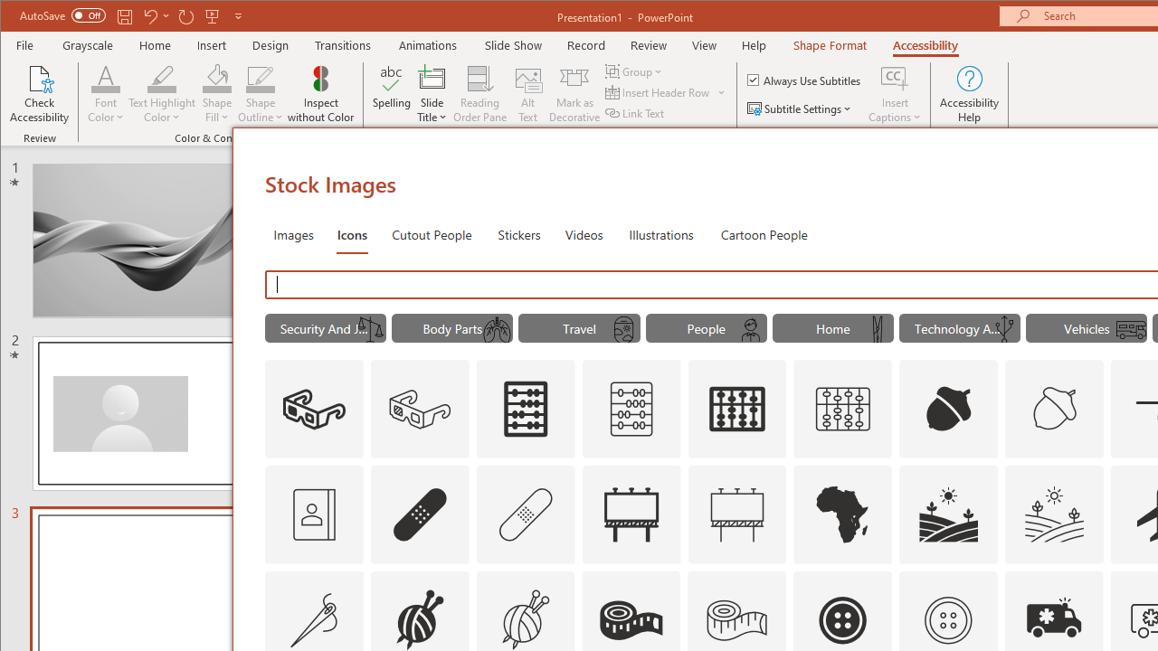 The width and height of the screenshot is (1158, 651). What do you see at coordinates (313, 409) in the screenshot?
I see `'AutomationID: Icons_3dGlasses'` at bounding box center [313, 409].